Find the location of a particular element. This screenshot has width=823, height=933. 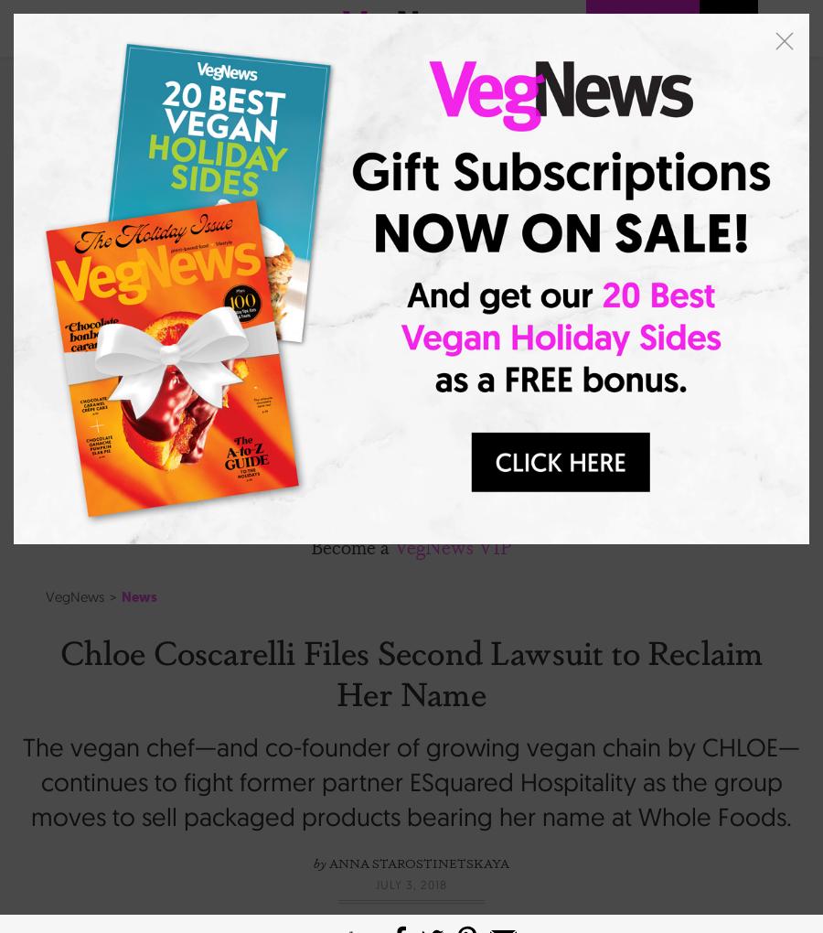

'Guides' is located at coordinates (165, 428).